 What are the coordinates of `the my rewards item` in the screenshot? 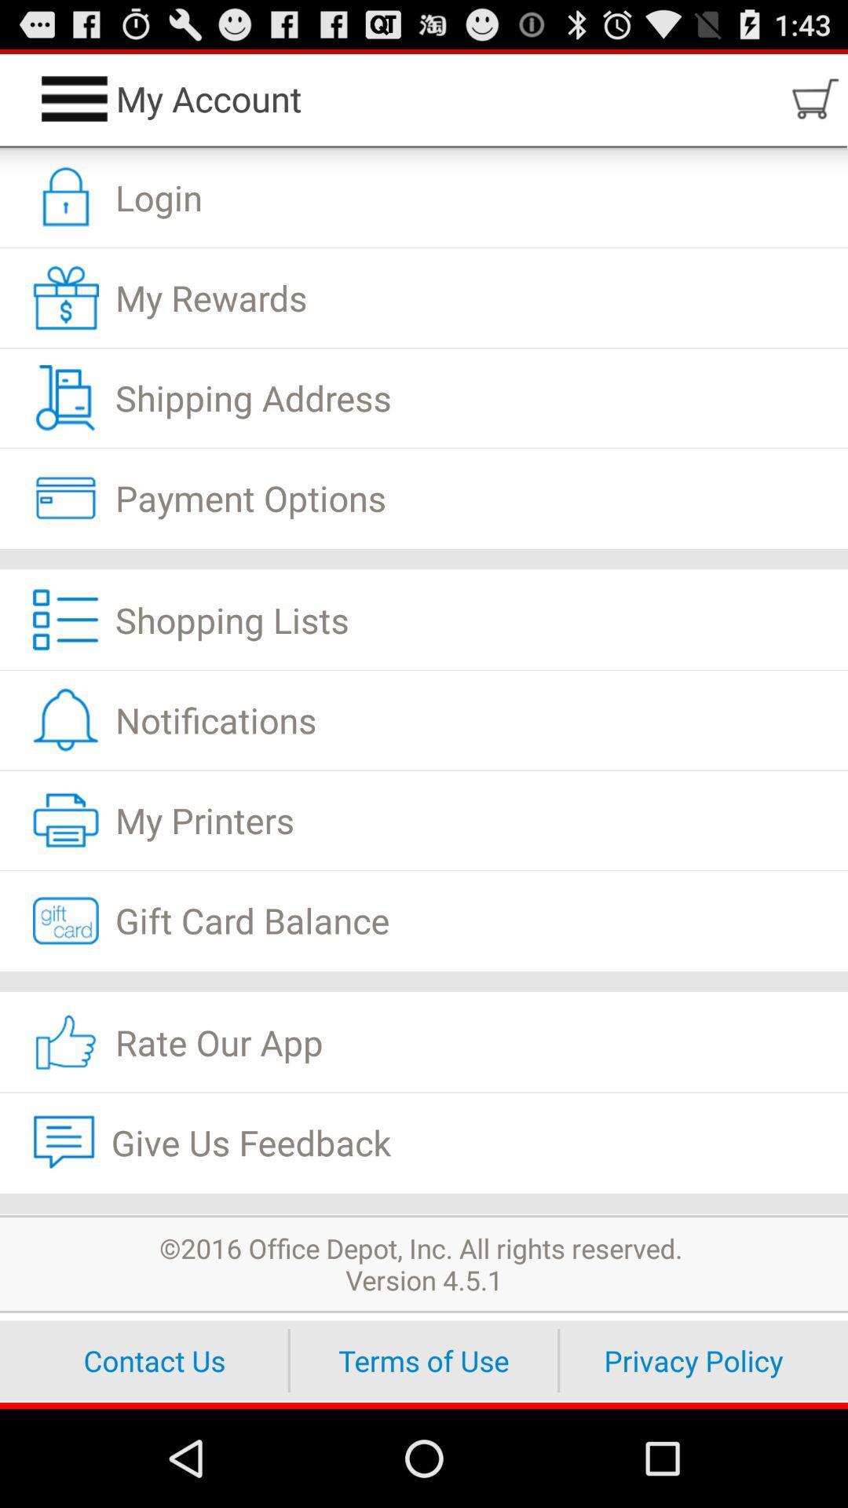 It's located at (424, 298).